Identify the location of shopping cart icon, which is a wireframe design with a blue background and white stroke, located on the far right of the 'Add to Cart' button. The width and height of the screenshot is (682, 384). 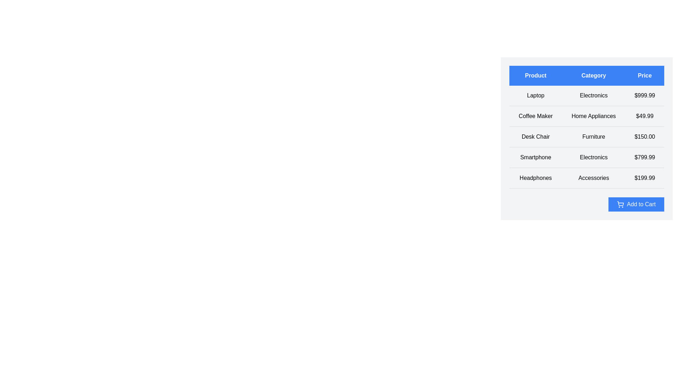
(620, 204).